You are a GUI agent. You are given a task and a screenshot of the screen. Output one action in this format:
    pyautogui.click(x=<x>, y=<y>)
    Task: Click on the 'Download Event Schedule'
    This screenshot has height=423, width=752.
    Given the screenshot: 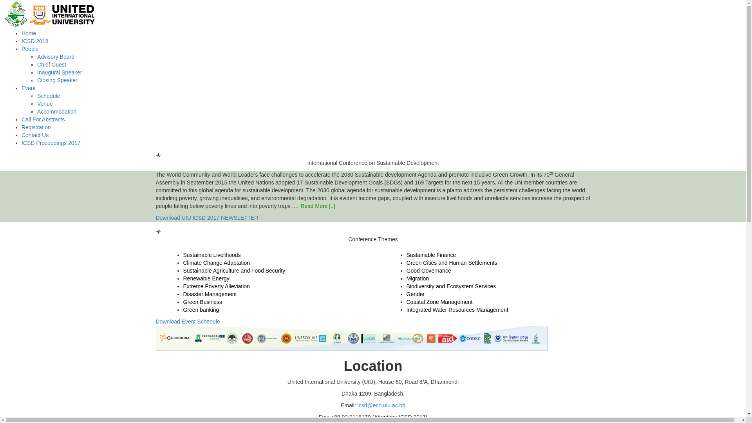 What is the action you would take?
    pyautogui.click(x=188, y=322)
    